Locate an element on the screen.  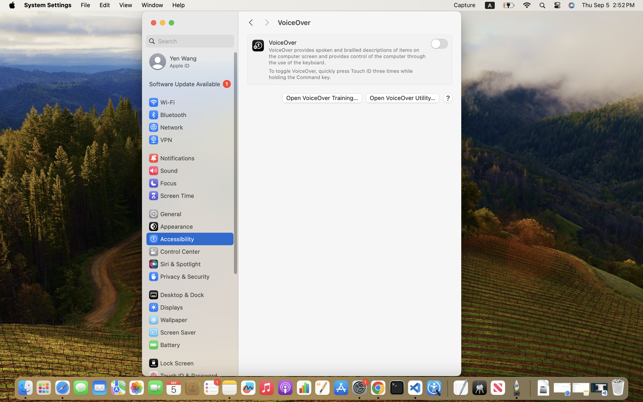
'General' is located at coordinates (164, 213).